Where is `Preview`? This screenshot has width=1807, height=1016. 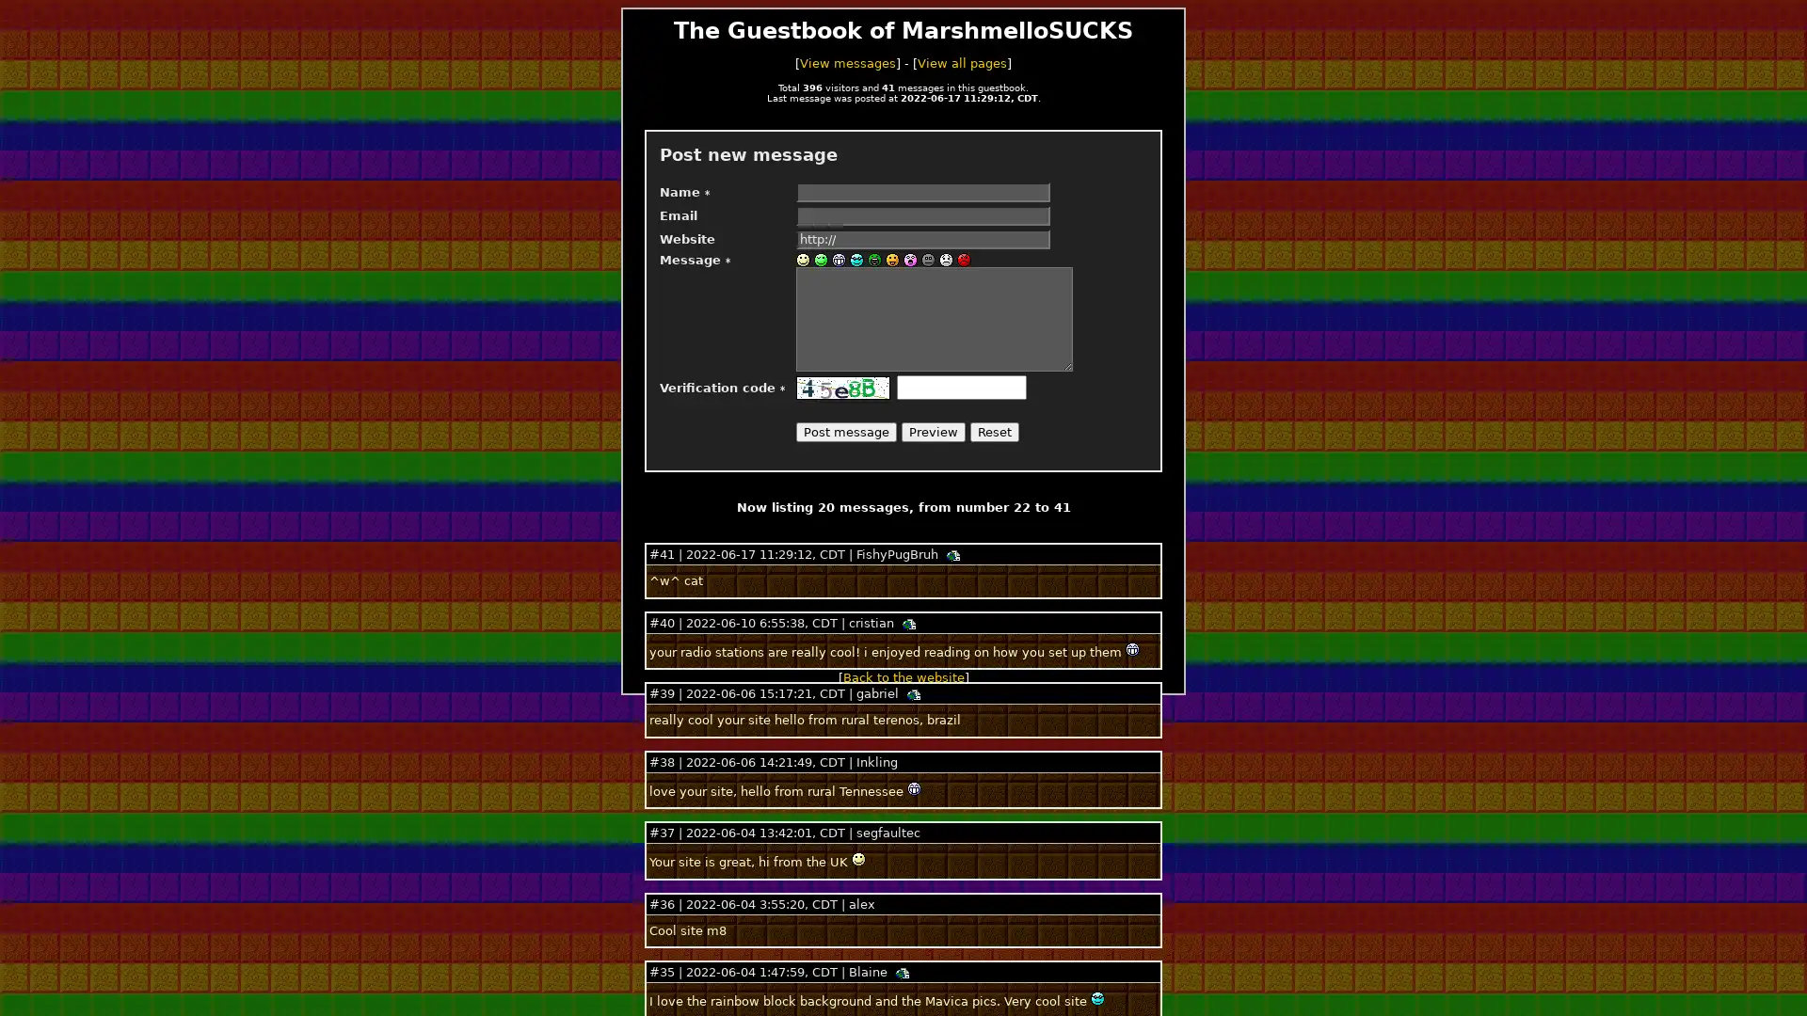 Preview is located at coordinates (934, 432).